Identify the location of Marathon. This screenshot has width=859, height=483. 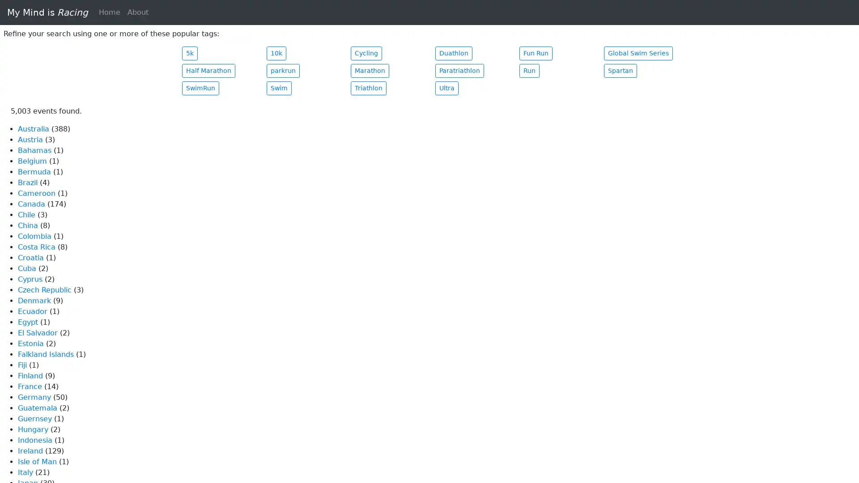
(370, 70).